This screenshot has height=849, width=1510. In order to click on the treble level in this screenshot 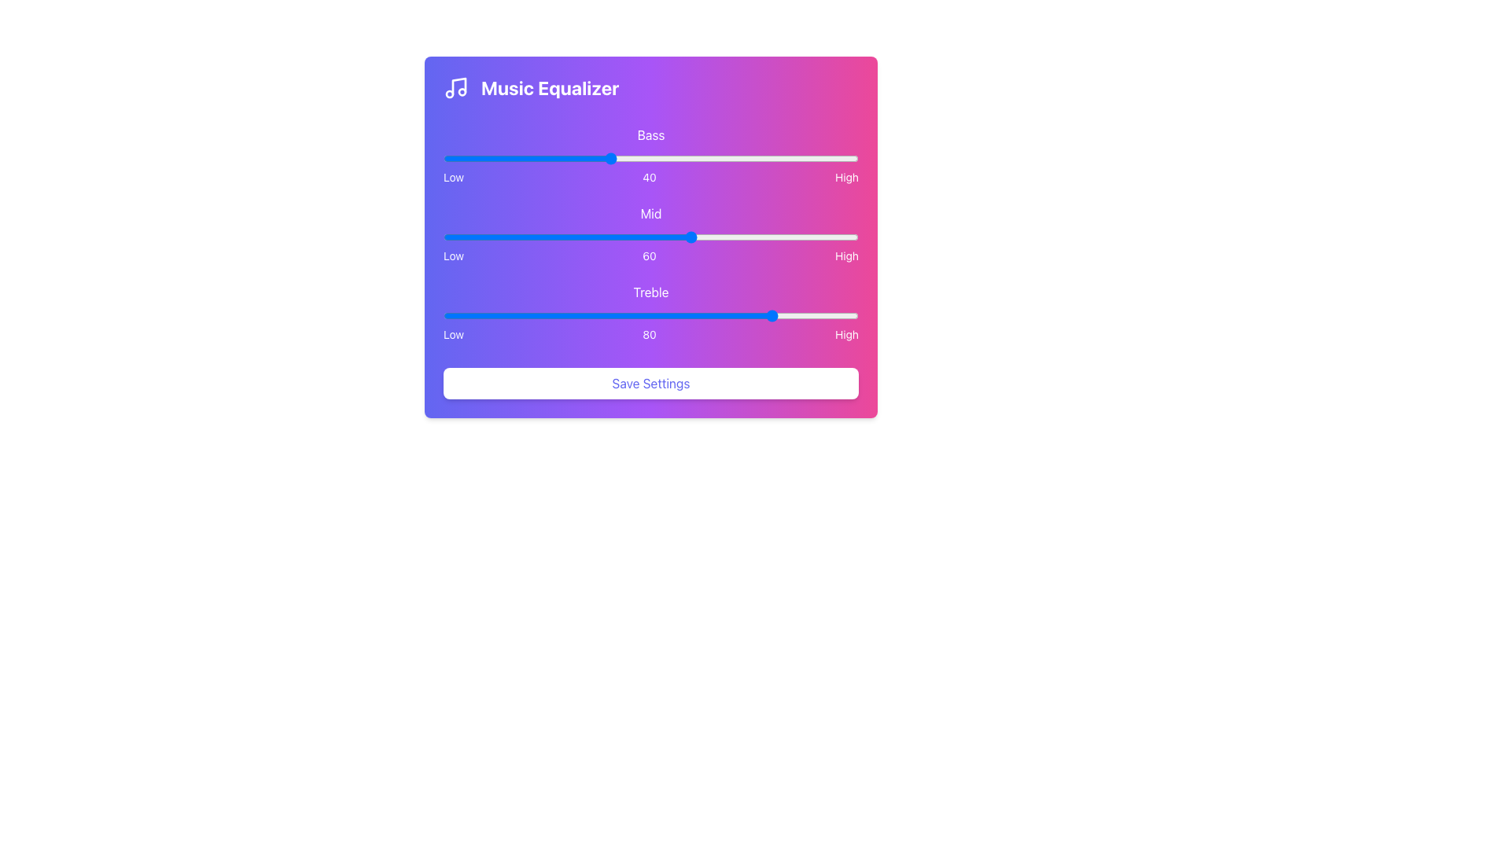, I will do `click(663, 315)`.